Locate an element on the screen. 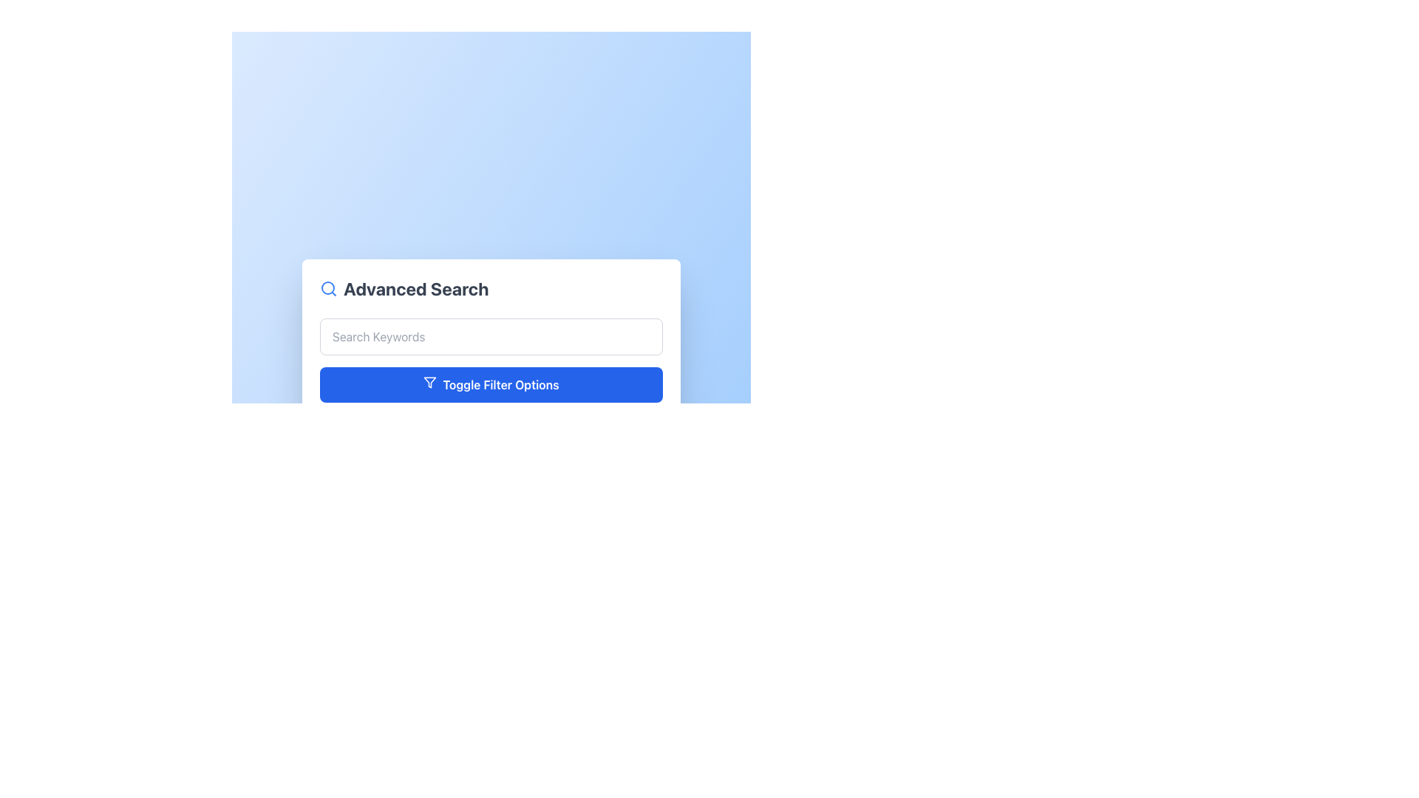 The height and width of the screenshot is (798, 1419). 'Toggle Filter Options' button with a blue background and white text for accessibility is located at coordinates (491, 383).